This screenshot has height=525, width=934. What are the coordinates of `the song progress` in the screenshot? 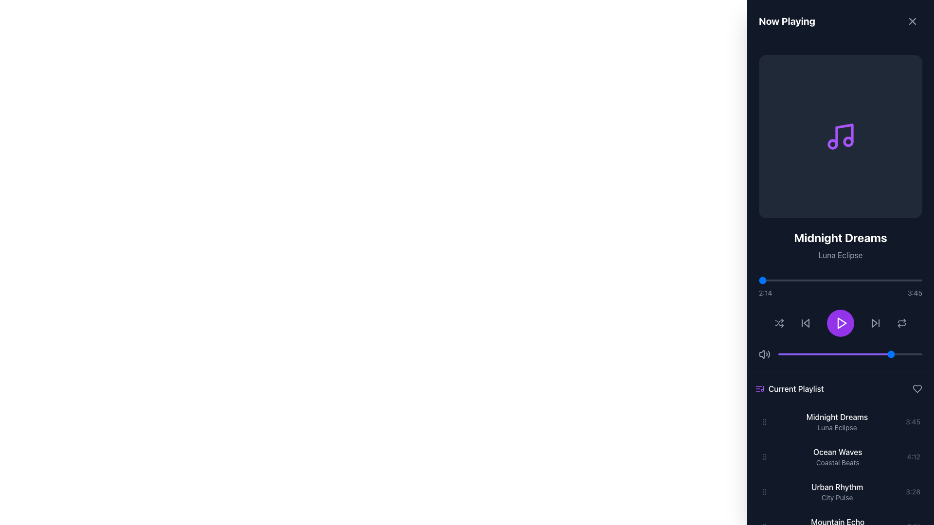 It's located at (812, 280).